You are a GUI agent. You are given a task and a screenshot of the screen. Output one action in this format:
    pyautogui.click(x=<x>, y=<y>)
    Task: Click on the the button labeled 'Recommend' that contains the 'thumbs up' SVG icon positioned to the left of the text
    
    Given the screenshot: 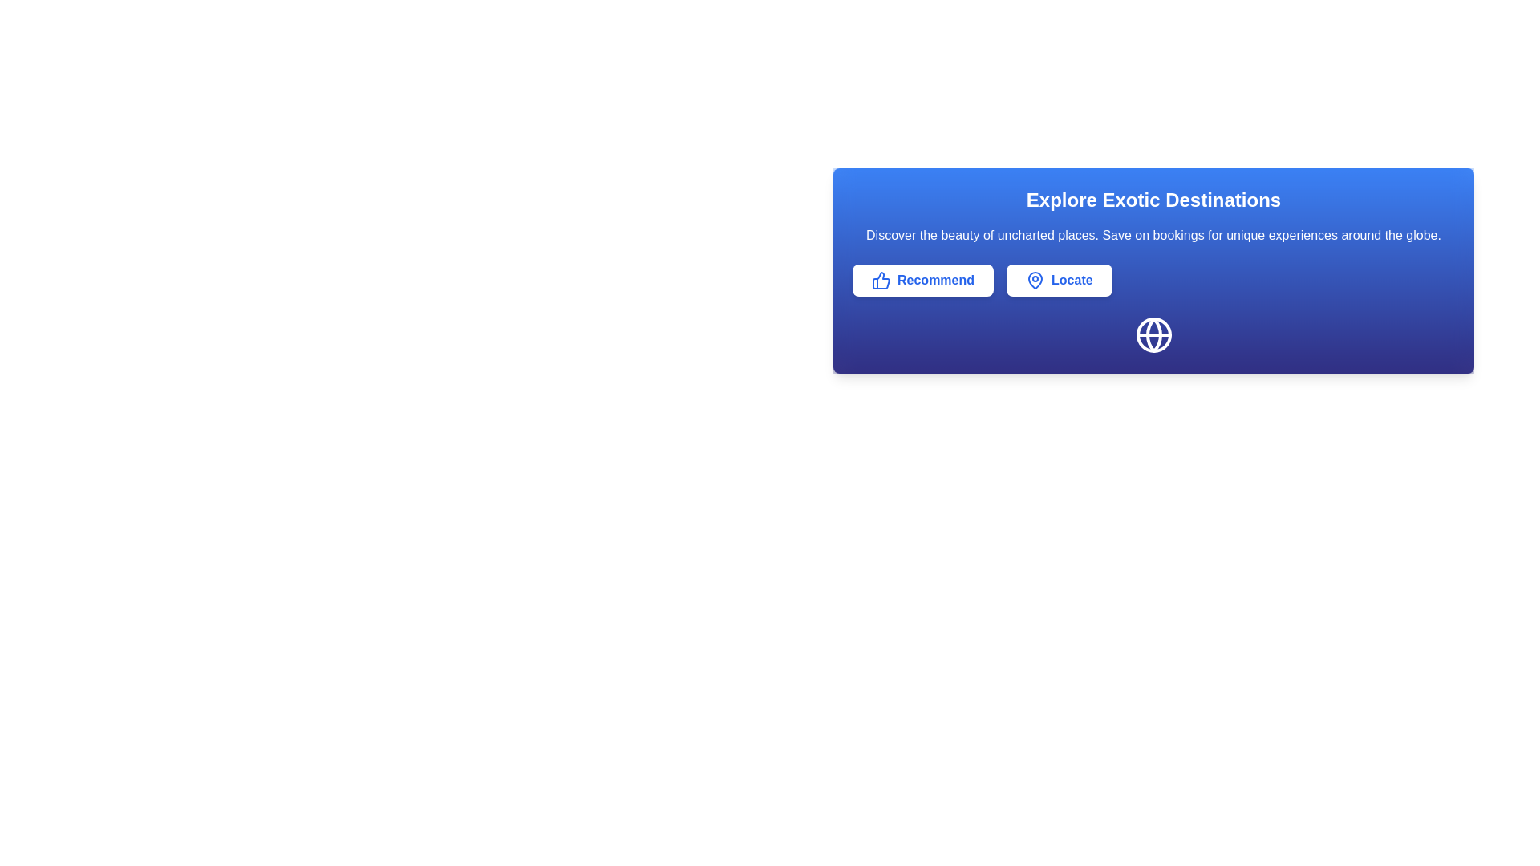 What is the action you would take?
    pyautogui.click(x=880, y=280)
    